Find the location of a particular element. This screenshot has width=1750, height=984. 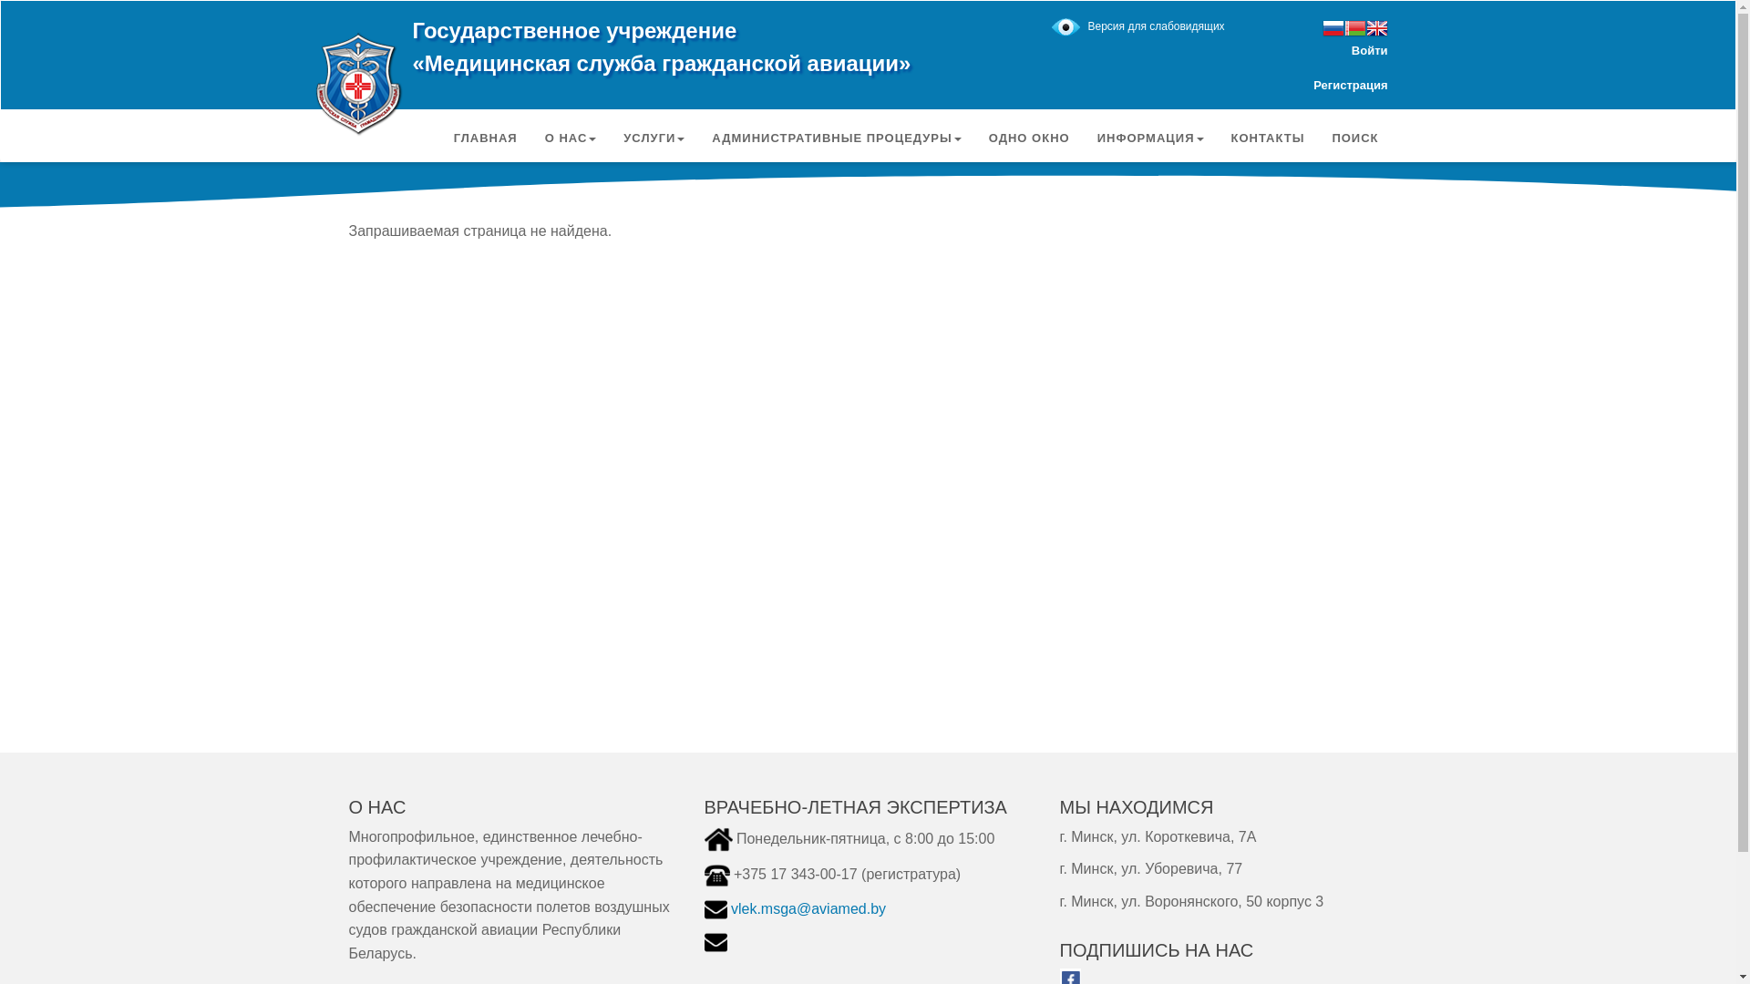

'Belarusian' is located at coordinates (1354, 28).